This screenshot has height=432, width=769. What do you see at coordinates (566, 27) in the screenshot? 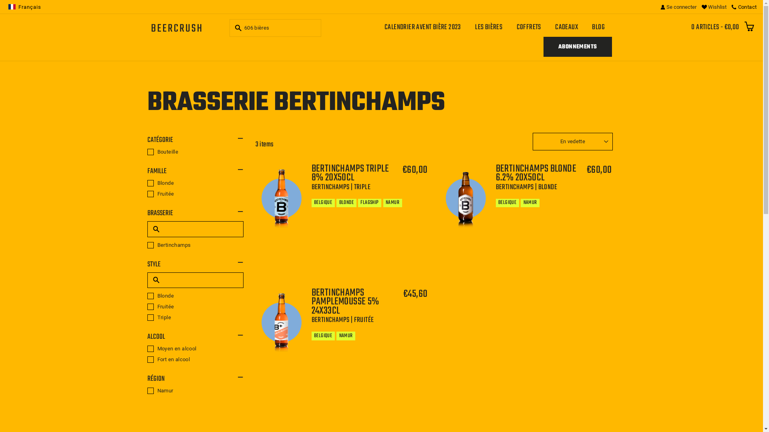
I see `'CADEAUX'` at bounding box center [566, 27].